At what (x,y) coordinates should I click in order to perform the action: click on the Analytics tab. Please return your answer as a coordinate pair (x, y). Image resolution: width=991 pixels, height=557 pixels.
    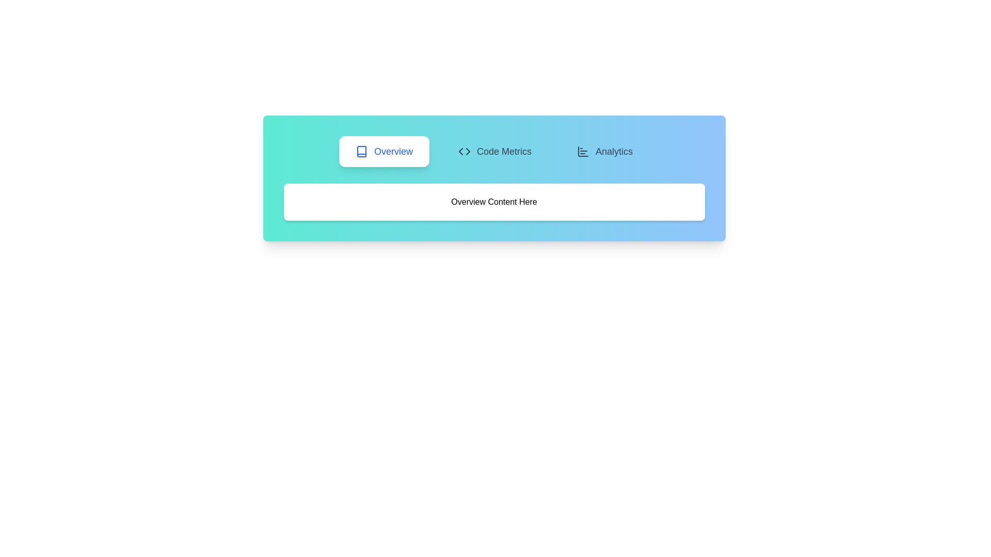
    Looking at the image, I should click on (604, 151).